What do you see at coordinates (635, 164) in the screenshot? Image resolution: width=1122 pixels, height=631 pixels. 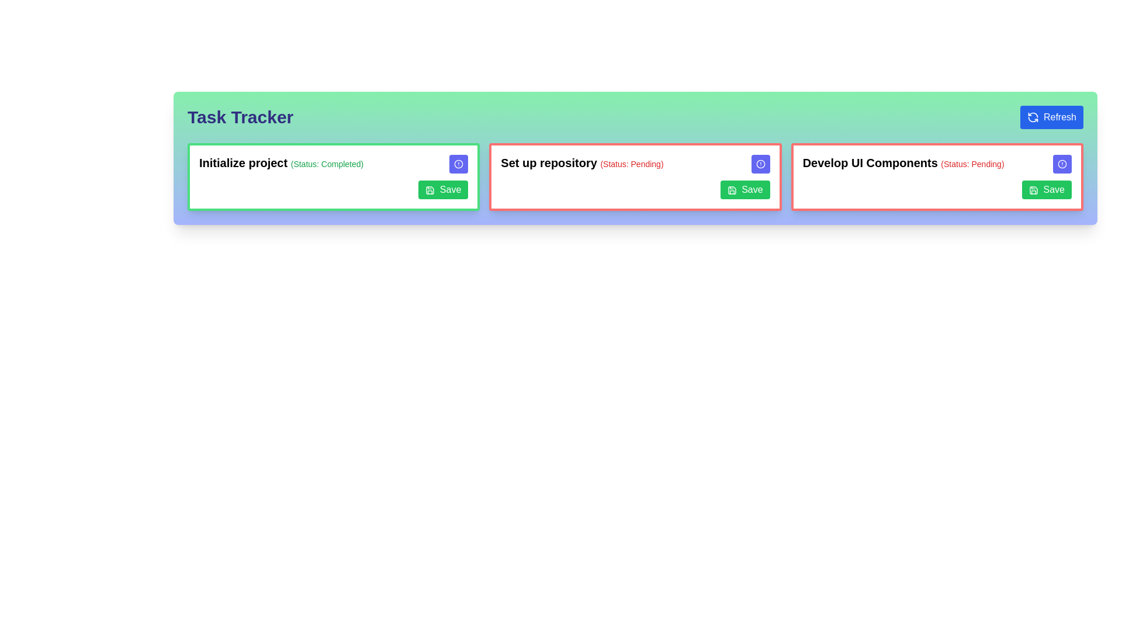 I see `the 'Set up repository' label with status text '(Status: Pending)' in red color and the information icon located in the second card from the left` at bounding box center [635, 164].